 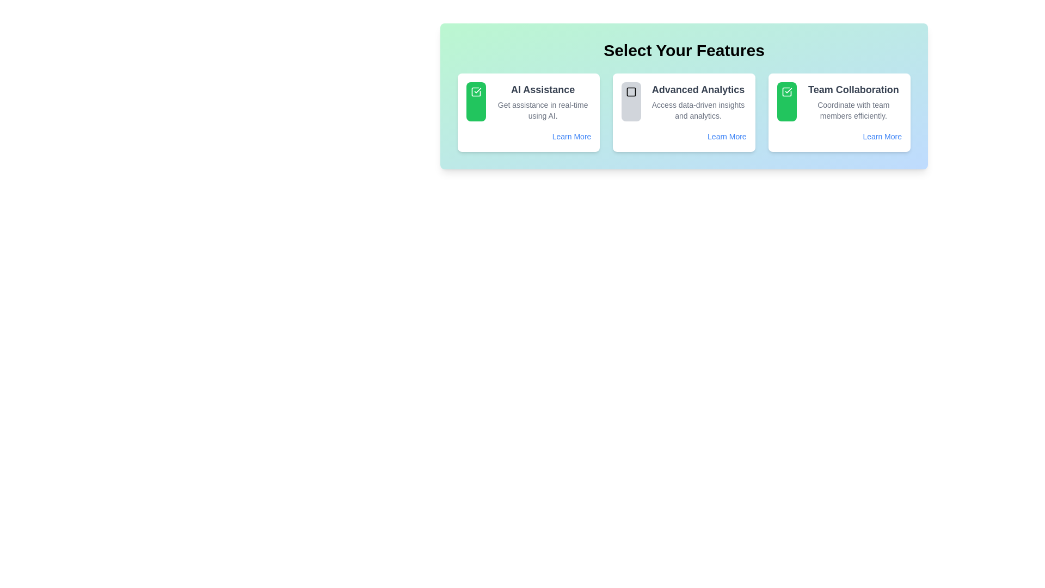 What do you see at coordinates (684, 101) in the screenshot?
I see `the selectable feature card titled 'Advanced Analytics' which contains a light gray background, a square icon outlined in black, and text describing data-driven insights` at bounding box center [684, 101].